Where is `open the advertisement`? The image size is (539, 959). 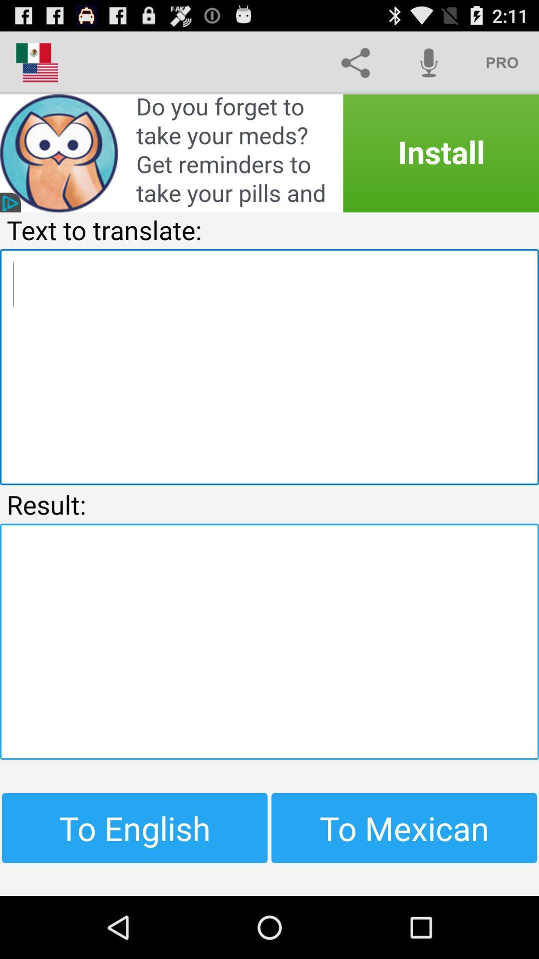 open the advertisement is located at coordinates (269, 153).